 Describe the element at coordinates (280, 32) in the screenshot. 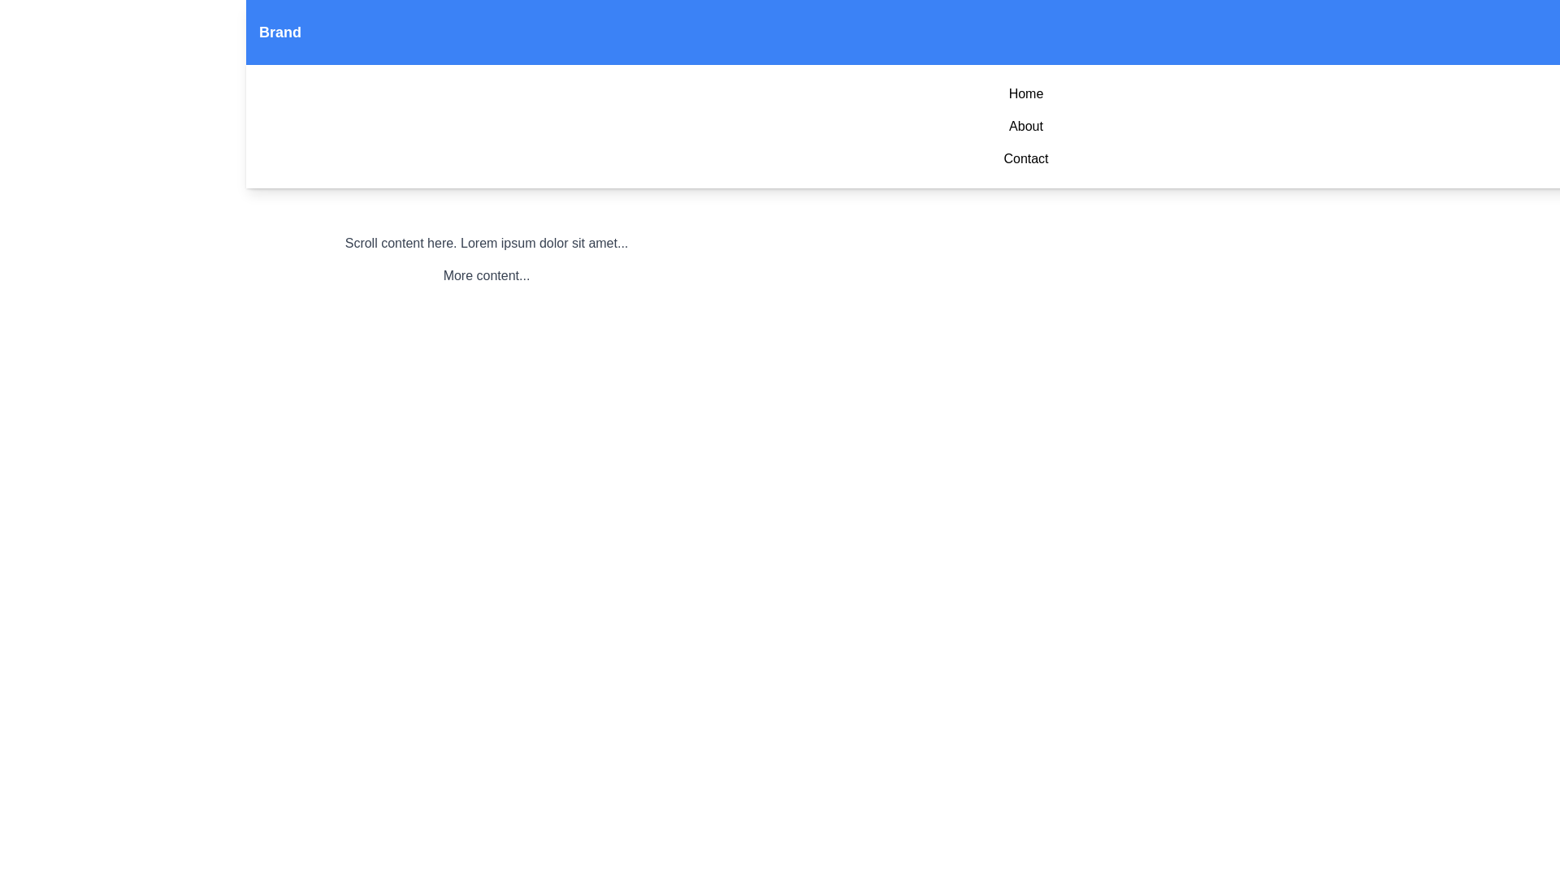

I see `the text label displaying 'Brand' in bold white font, located at the top-left section of the interface against a blue background` at that location.